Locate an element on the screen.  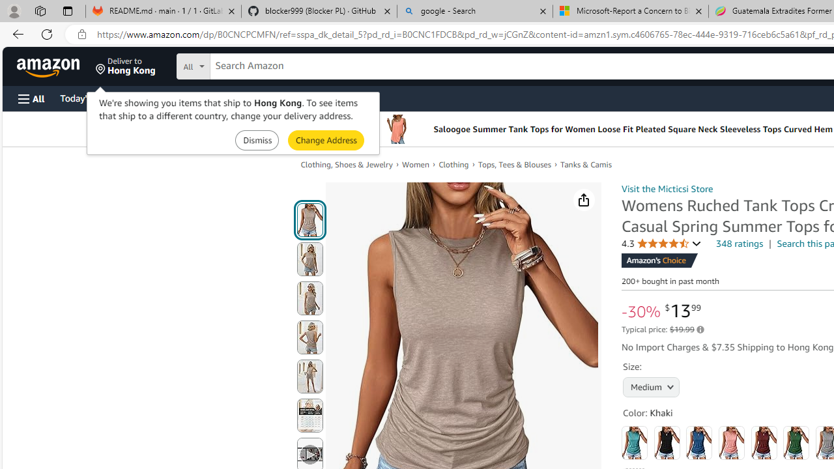
'Green' is located at coordinates (796, 442).